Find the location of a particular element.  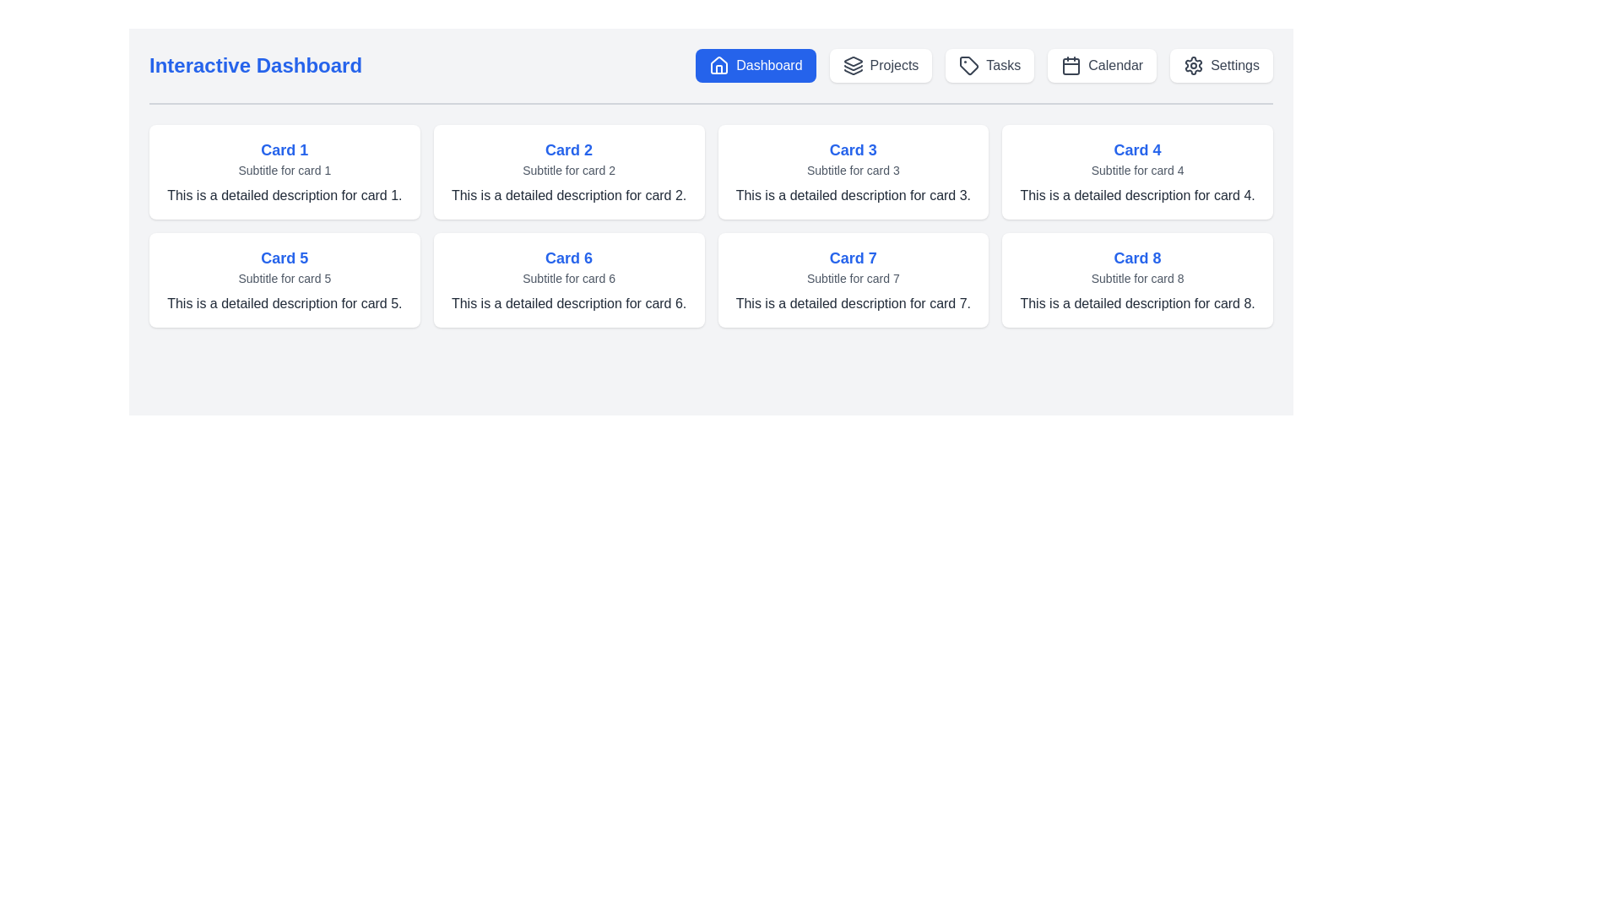

the house-shaped icon located on the left side of the 'Dashboard' button is located at coordinates (719, 64).